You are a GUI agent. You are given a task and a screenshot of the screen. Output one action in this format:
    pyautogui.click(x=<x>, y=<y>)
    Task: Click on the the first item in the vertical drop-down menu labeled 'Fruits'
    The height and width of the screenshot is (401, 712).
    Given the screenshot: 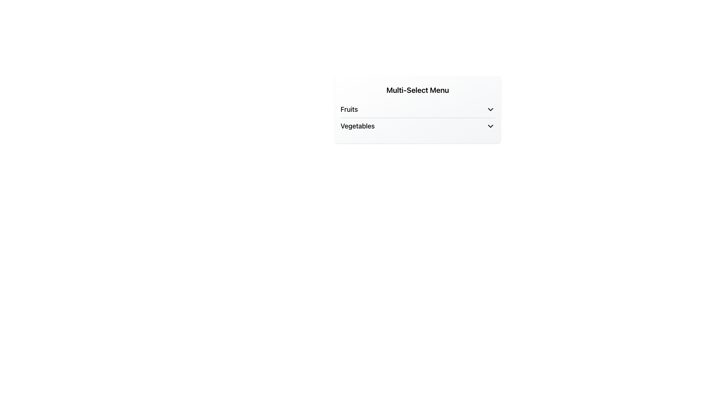 What is the action you would take?
    pyautogui.click(x=418, y=109)
    